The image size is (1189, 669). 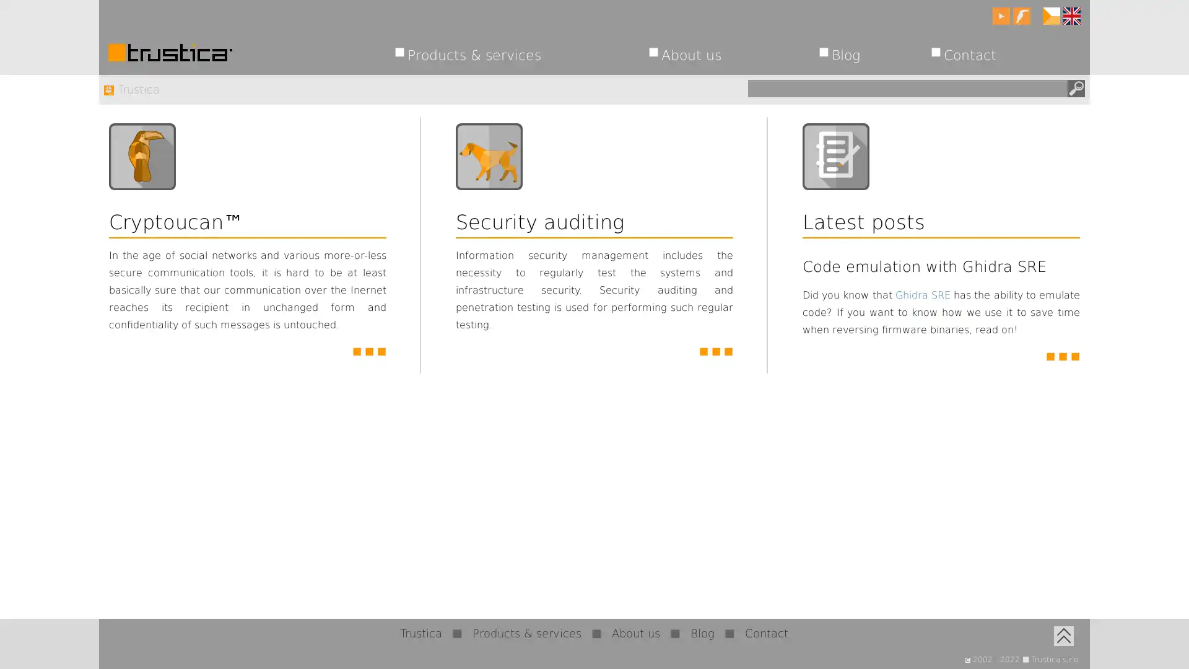 What do you see at coordinates (1075, 87) in the screenshot?
I see `Search` at bounding box center [1075, 87].